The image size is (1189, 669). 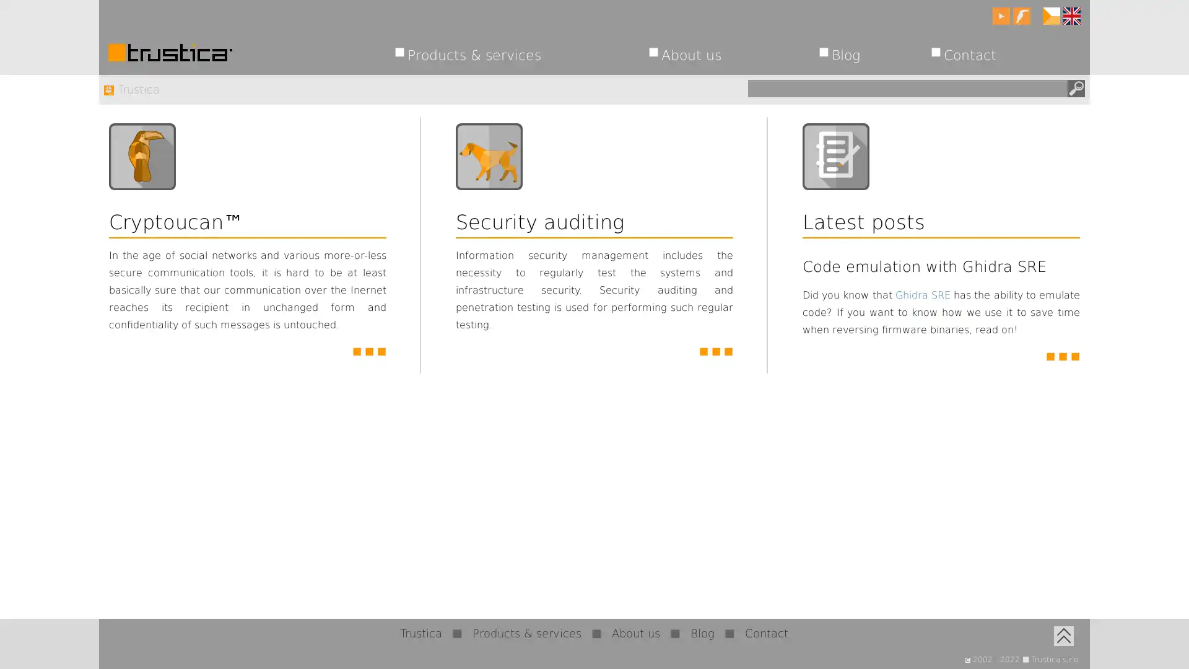 What do you see at coordinates (1075, 87) in the screenshot?
I see `Search` at bounding box center [1075, 87].